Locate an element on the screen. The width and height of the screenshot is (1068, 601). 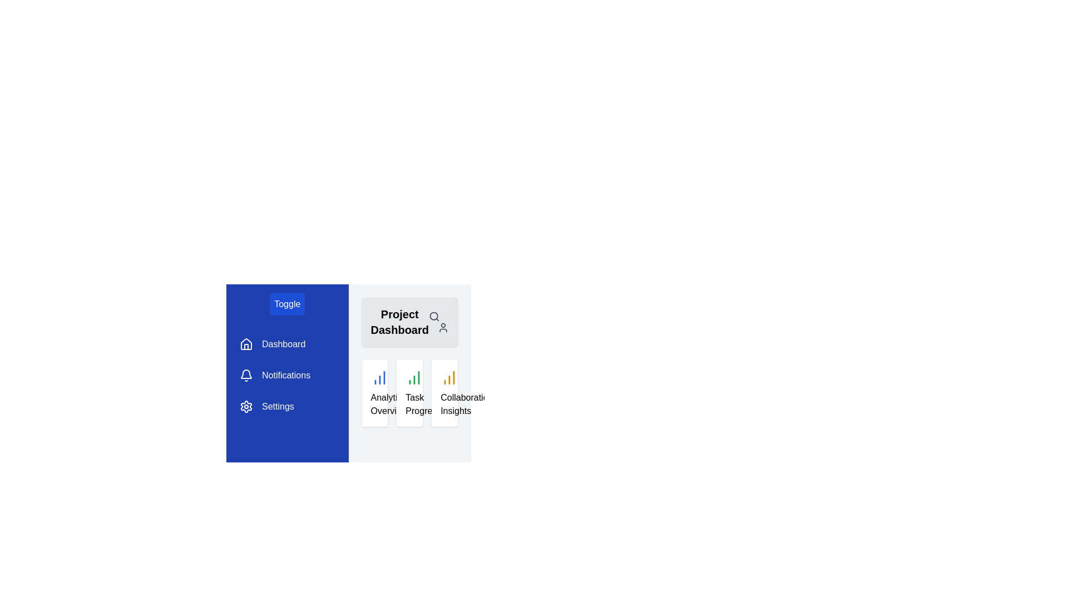
the navigation button labeled 'Dashboard' with a house icon is located at coordinates (273, 343).